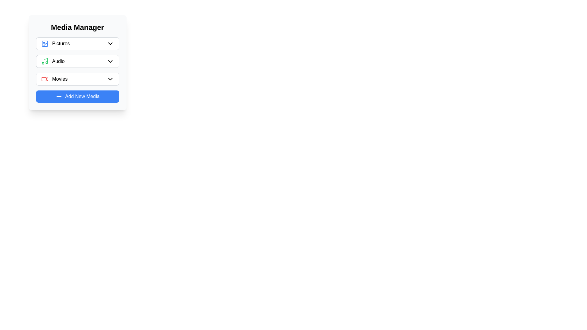  Describe the element at coordinates (77, 96) in the screenshot. I see `the button located at the bottom of the 'Media Manager' section` at that location.